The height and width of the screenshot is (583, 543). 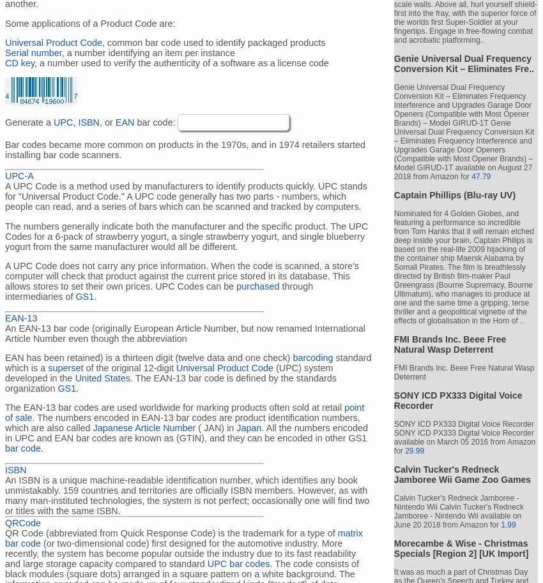 What do you see at coordinates (4, 362) in the screenshot?
I see `'standard which is a'` at bounding box center [4, 362].